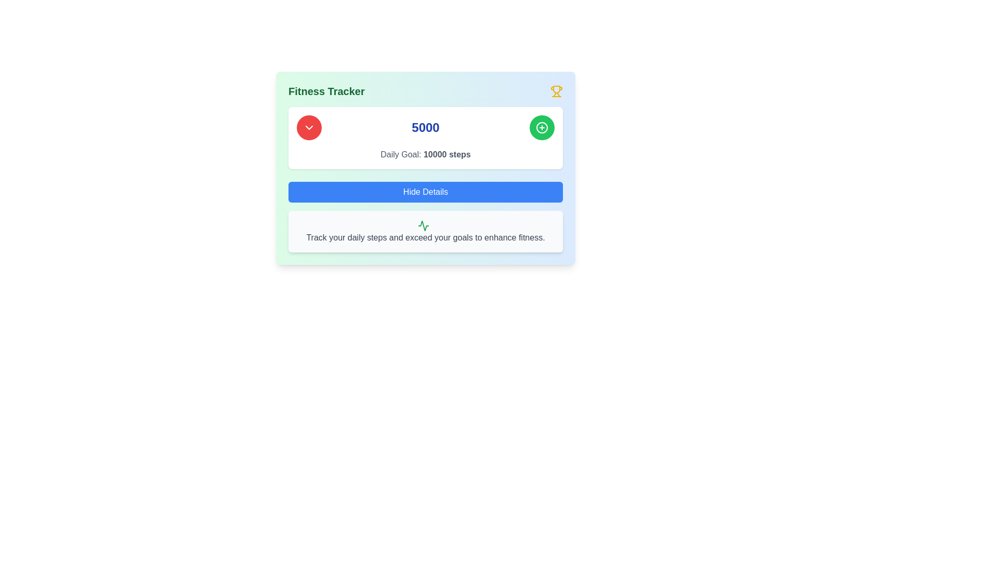  I want to click on the activity monitoring icon located in the top-right corner of the 'Fitness Tracker' box, positioned next to the trophy icon for informational purposes, so click(424, 225).